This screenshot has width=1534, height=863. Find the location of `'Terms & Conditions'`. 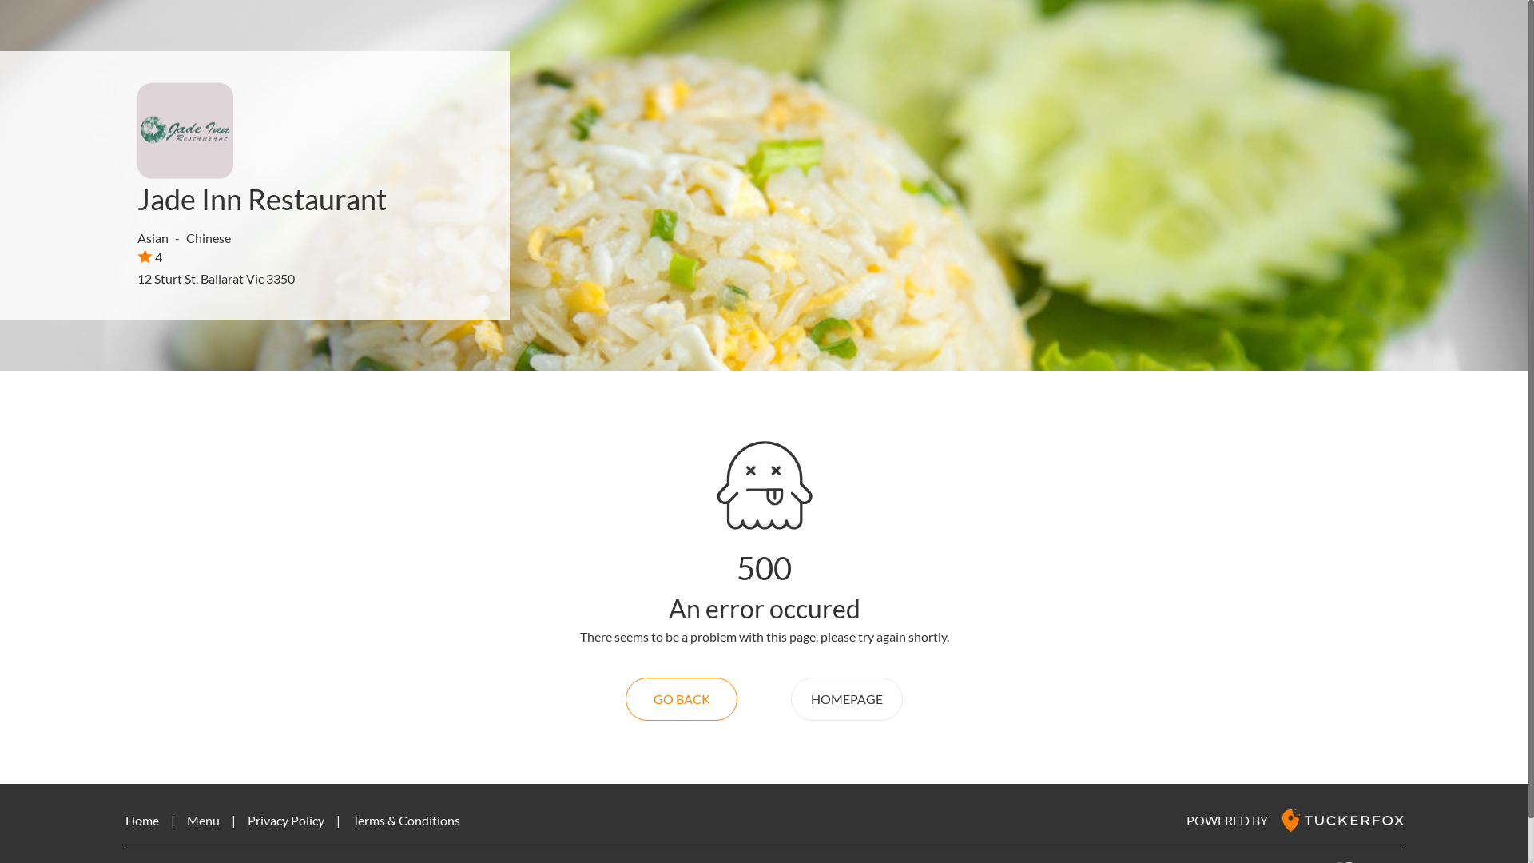

'Terms & Conditions' is located at coordinates (405, 820).